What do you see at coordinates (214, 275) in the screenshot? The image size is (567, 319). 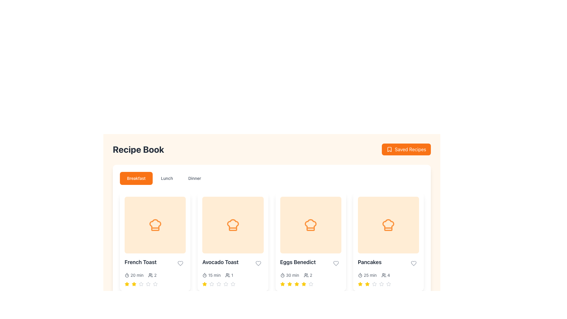 I see `the label displaying '15 min', which is styled in dark gray font and located below the 'Avocado Toast' card, following a clock icon` at bounding box center [214, 275].